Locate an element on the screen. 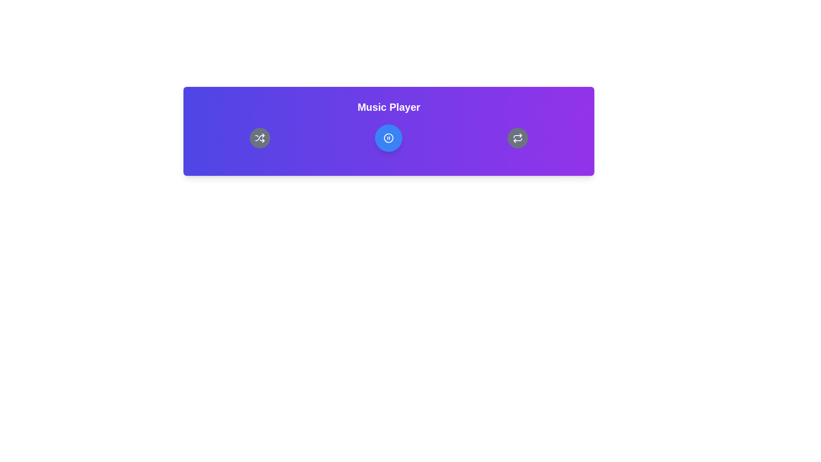 The image size is (821, 462). the circular button with a gray background and a loop icon is located at coordinates (517, 138).